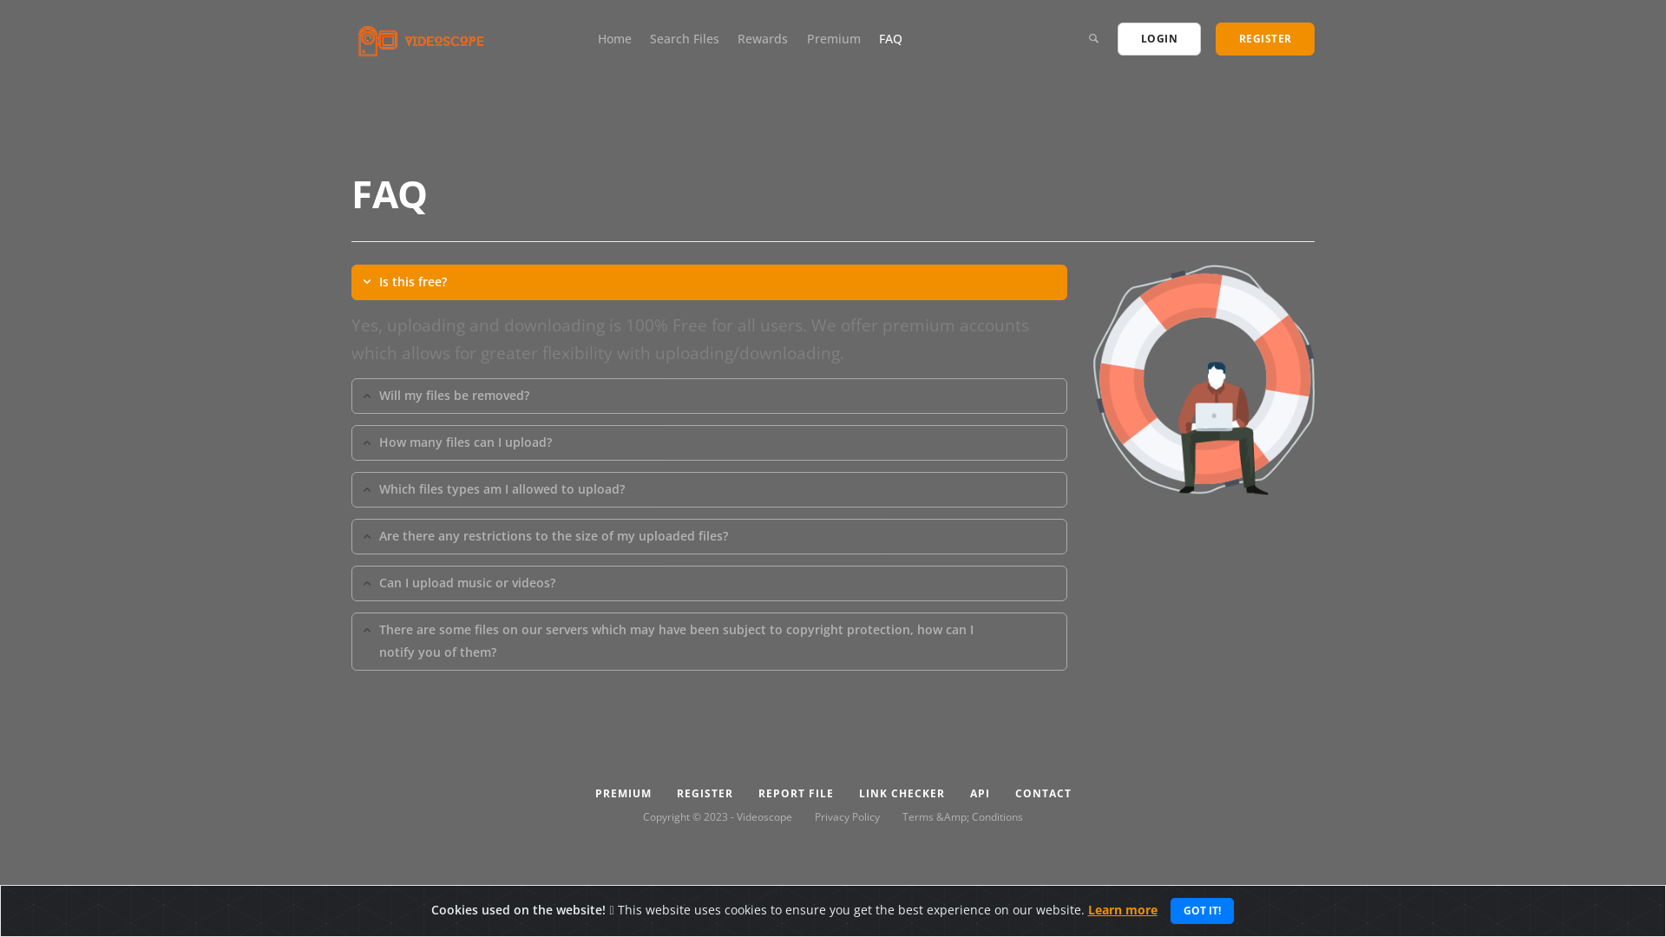  I want to click on 'REGISTER', so click(704, 793).